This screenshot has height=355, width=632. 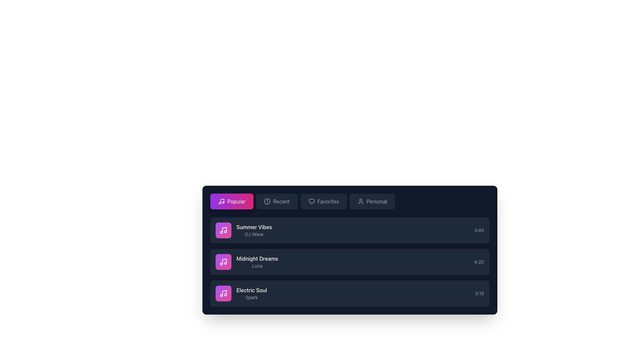 I want to click on the text label that describes the performer or contributor of the music piece 'Summer Vibes', which is located beneath the 'Summer Vibes' title in the 'Popular' section of the music playlist, so click(x=254, y=234).